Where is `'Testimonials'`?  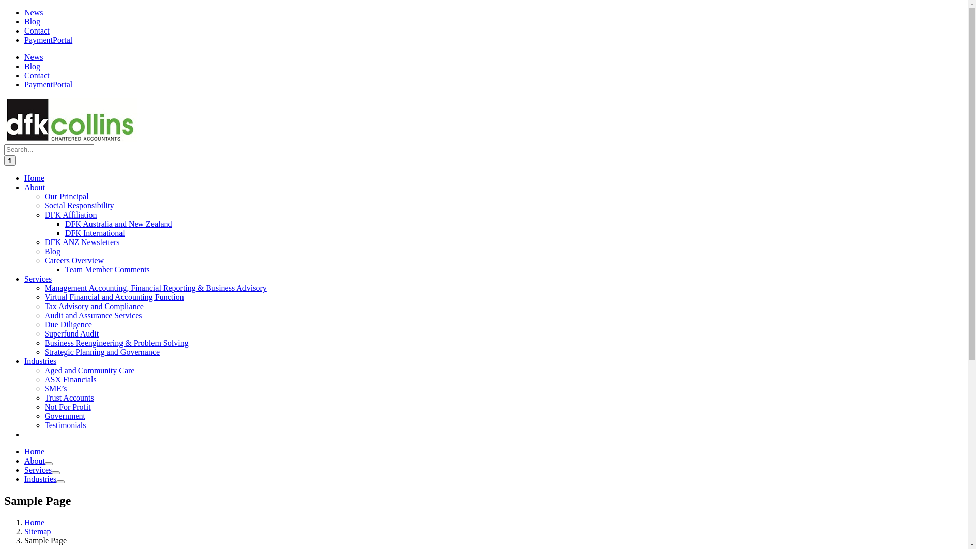
'Testimonials' is located at coordinates (65, 425).